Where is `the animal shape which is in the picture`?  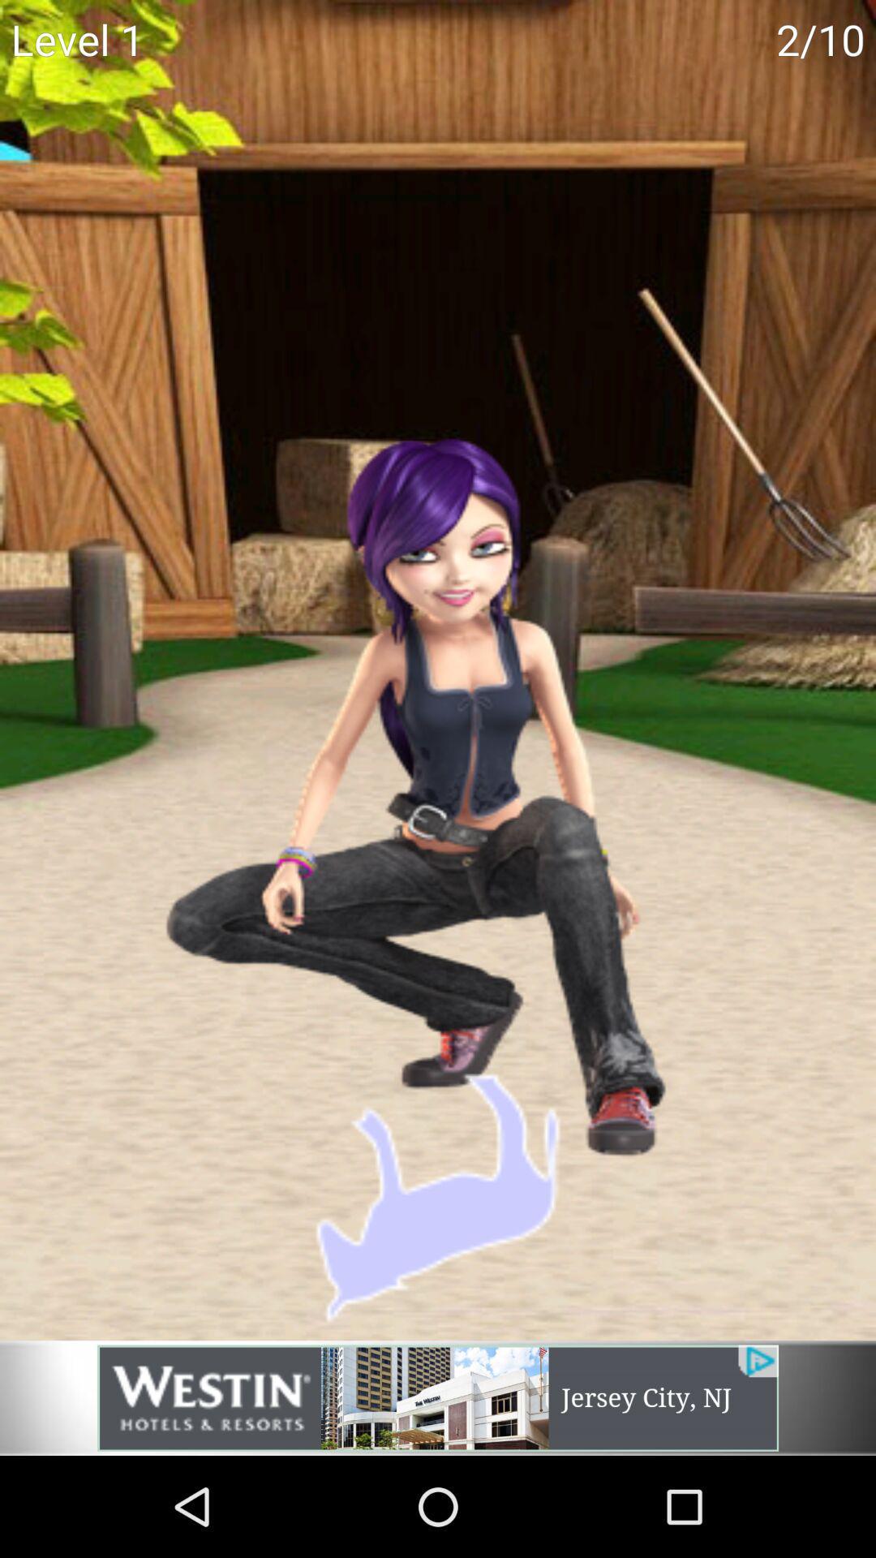
the animal shape which is in the picture is located at coordinates (438, 1199).